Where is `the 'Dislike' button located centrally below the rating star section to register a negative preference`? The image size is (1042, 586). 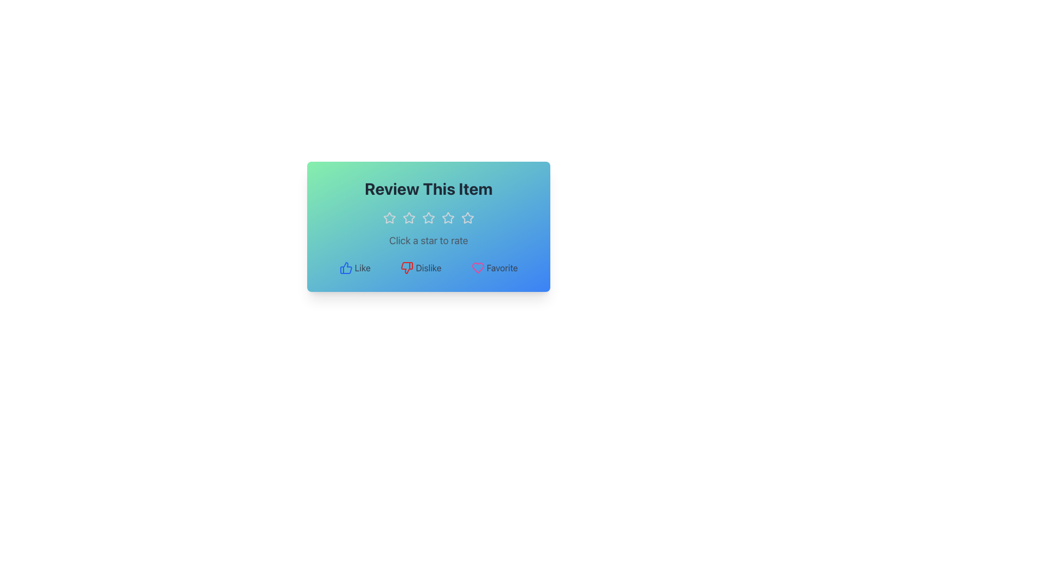
the 'Dislike' button located centrally below the rating star section to register a negative preference is located at coordinates (420, 267).